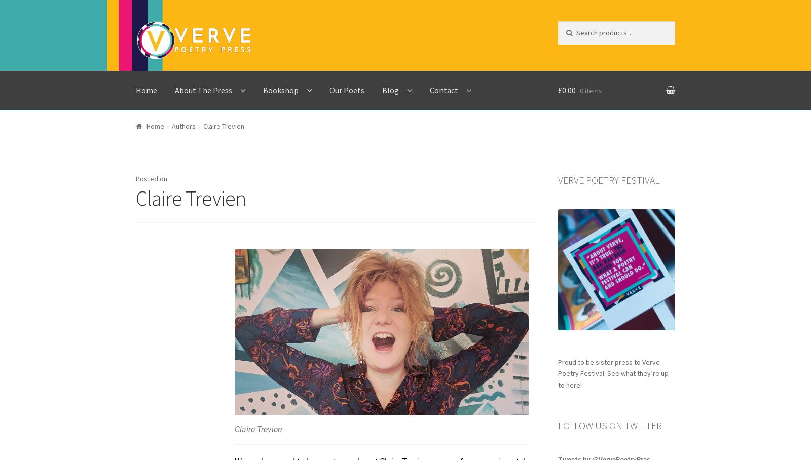 Image resolution: width=811 pixels, height=460 pixels. What do you see at coordinates (347, 89) in the screenshot?
I see `'Our Poets'` at bounding box center [347, 89].